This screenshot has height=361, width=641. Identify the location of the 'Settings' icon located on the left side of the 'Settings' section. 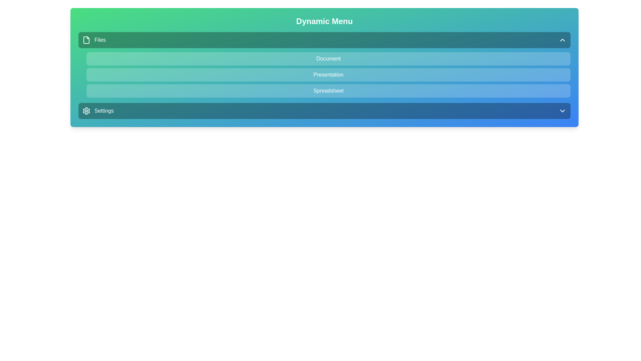
(86, 110).